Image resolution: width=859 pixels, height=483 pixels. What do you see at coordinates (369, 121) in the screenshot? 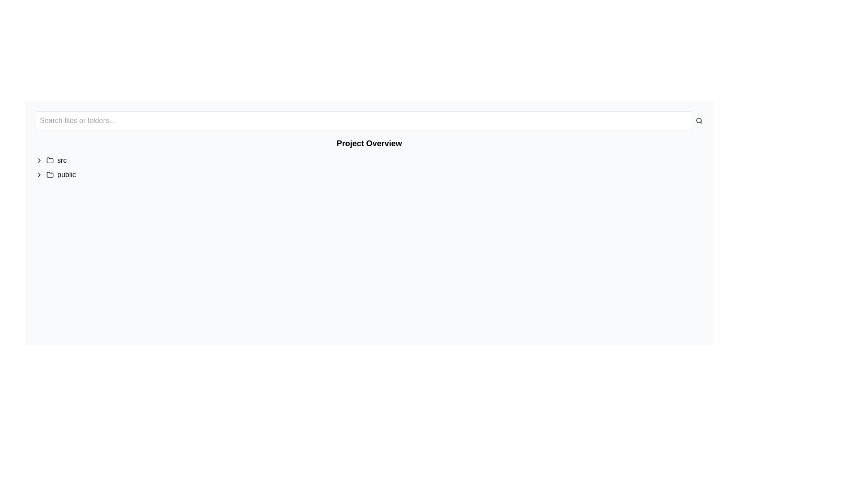
I see `the input area of the search bar located at the top of the main content section to focus on it` at bounding box center [369, 121].